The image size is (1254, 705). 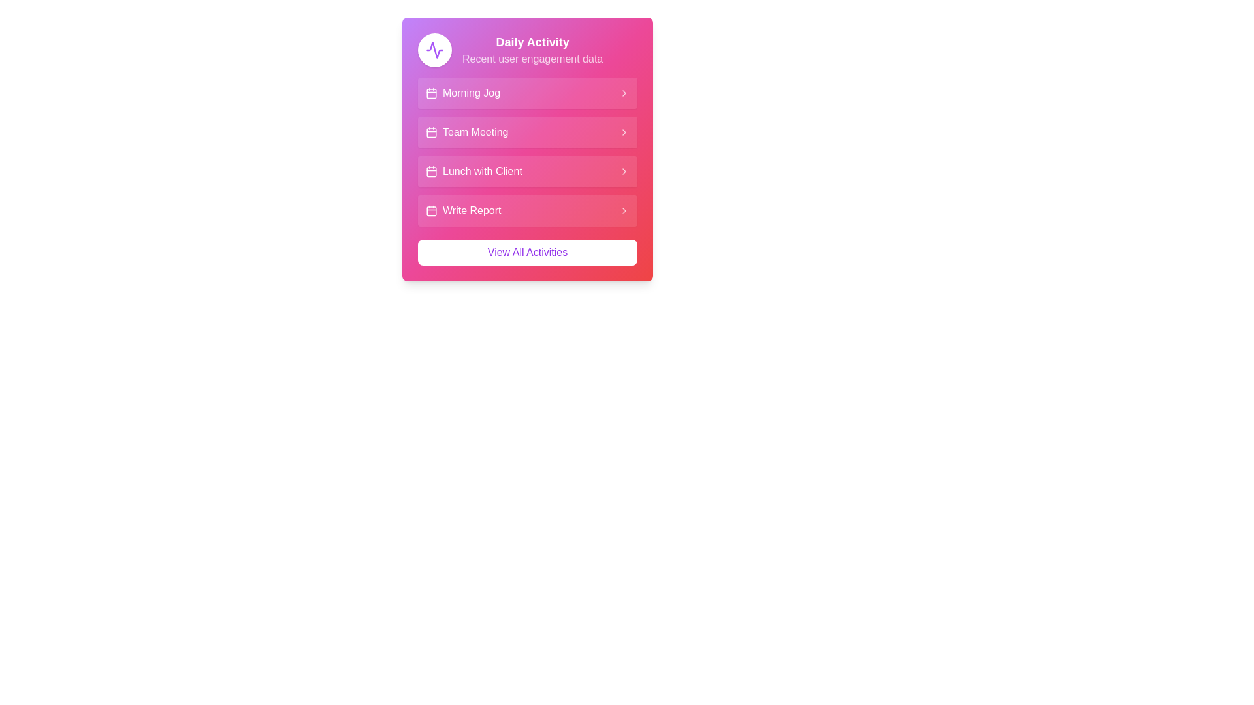 I want to click on the 'Team Meeting' List Item element, which is the second item in the vertical list within the 'Daily Activity' card, located between 'Morning Jog' and 'Lunch with Client', so click(x=467, y=133).